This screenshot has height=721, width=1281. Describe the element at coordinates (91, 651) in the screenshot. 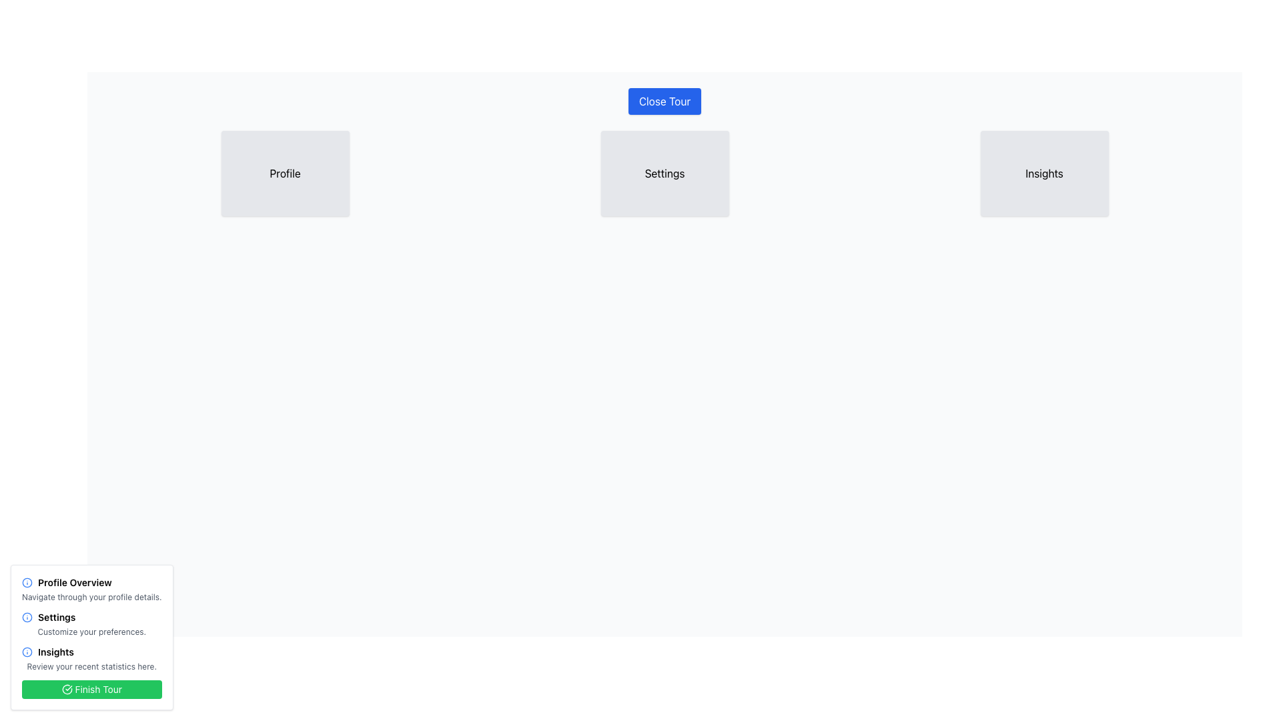

I see `the Label with Icon located in the bottom-left region of the interface` at that location.